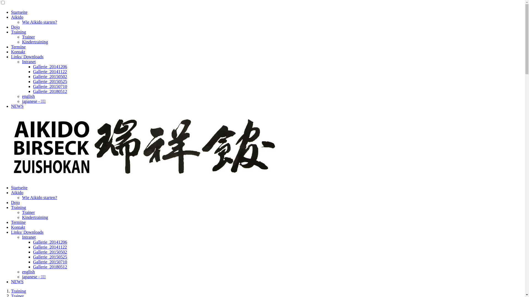  What do you see at coordinates (17, 282) in the screenshot?
I see `'NEWS'` at bounding box center [17, 282].